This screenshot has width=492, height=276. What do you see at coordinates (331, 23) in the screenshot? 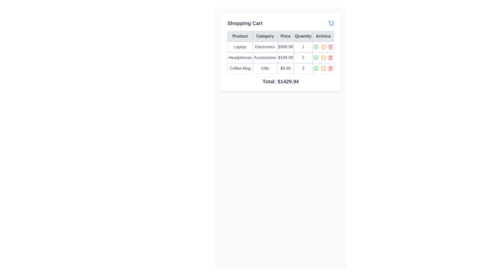
I see `the blue shopping cart icon located to the right of the 'Shopping Cart' text in the top-right corner of the shopping cart section` at bounding box center [331, 23].